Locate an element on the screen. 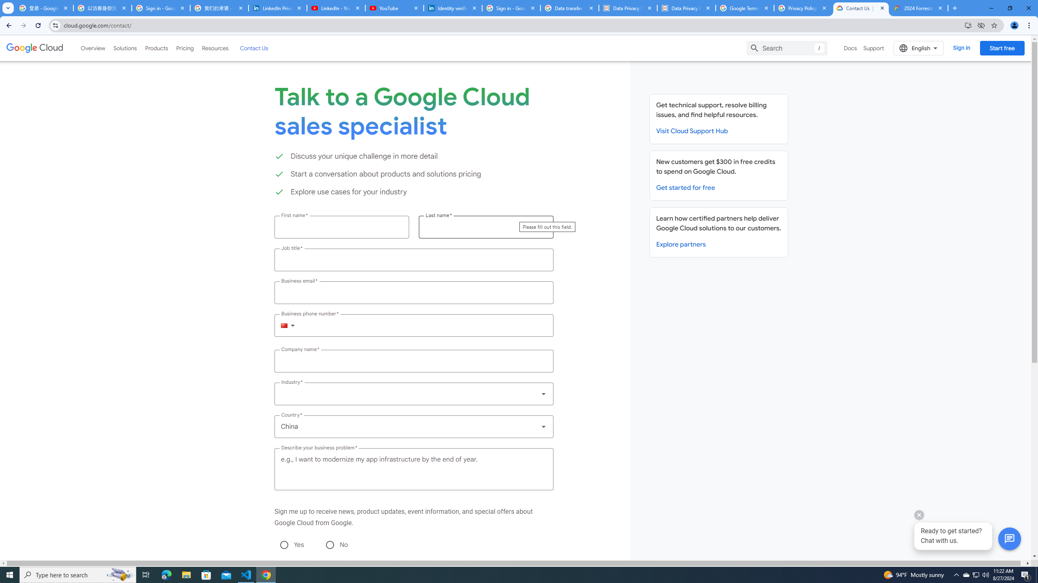 Image resolution: width=1038 pixels, height=583 pixels. 'Pricing' is located at coordinates (185, 48).